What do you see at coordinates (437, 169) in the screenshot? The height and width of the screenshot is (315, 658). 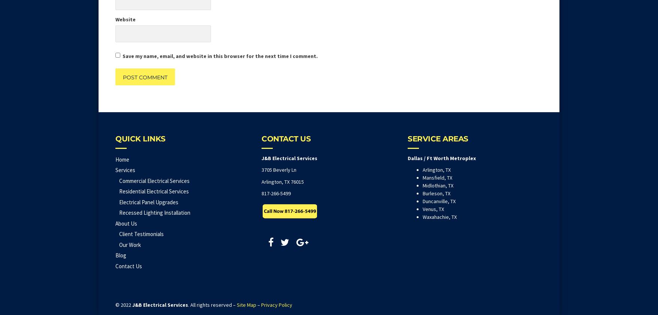 I see `'Arlington, TX'` at bounding box center [437, 169].